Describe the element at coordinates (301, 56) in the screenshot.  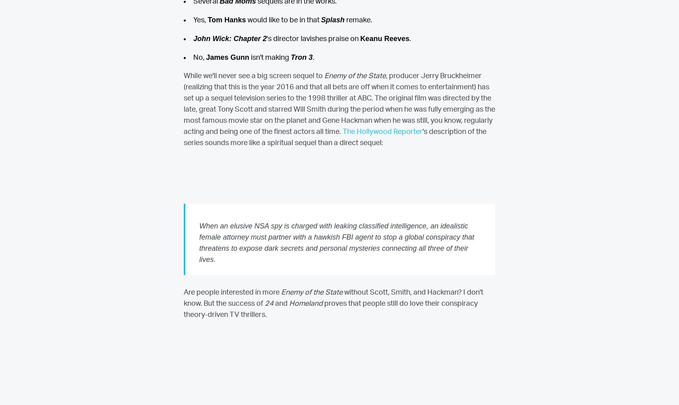
I see `'Tron 3'` at that location.